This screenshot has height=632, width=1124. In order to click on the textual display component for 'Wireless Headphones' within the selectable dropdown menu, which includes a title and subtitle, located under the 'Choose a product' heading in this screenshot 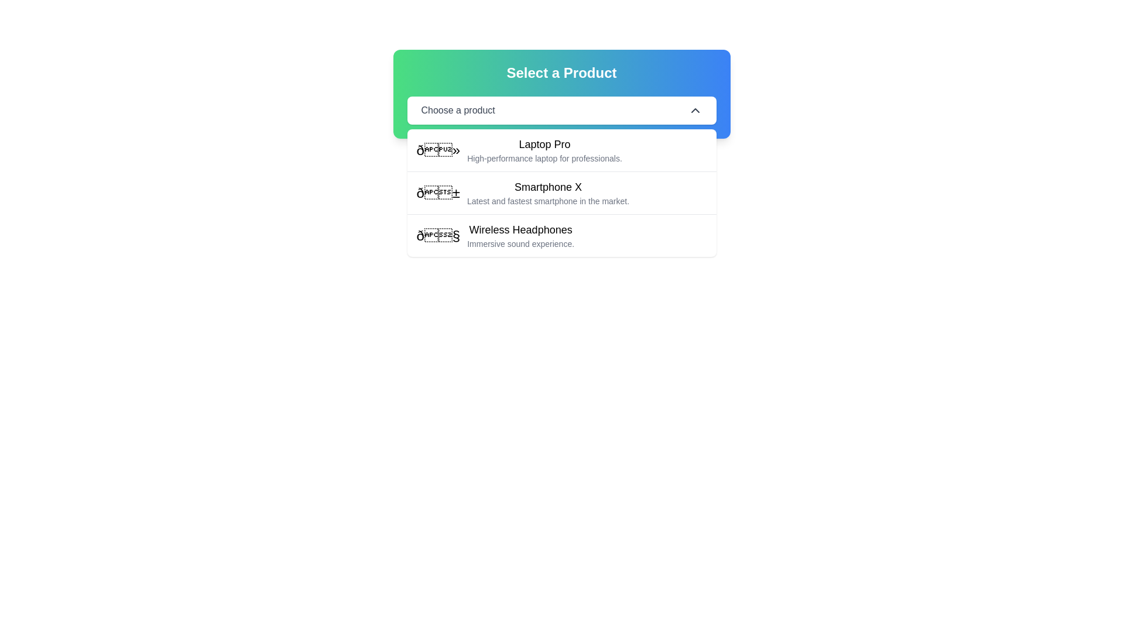, I will do `click(520, 235)`.